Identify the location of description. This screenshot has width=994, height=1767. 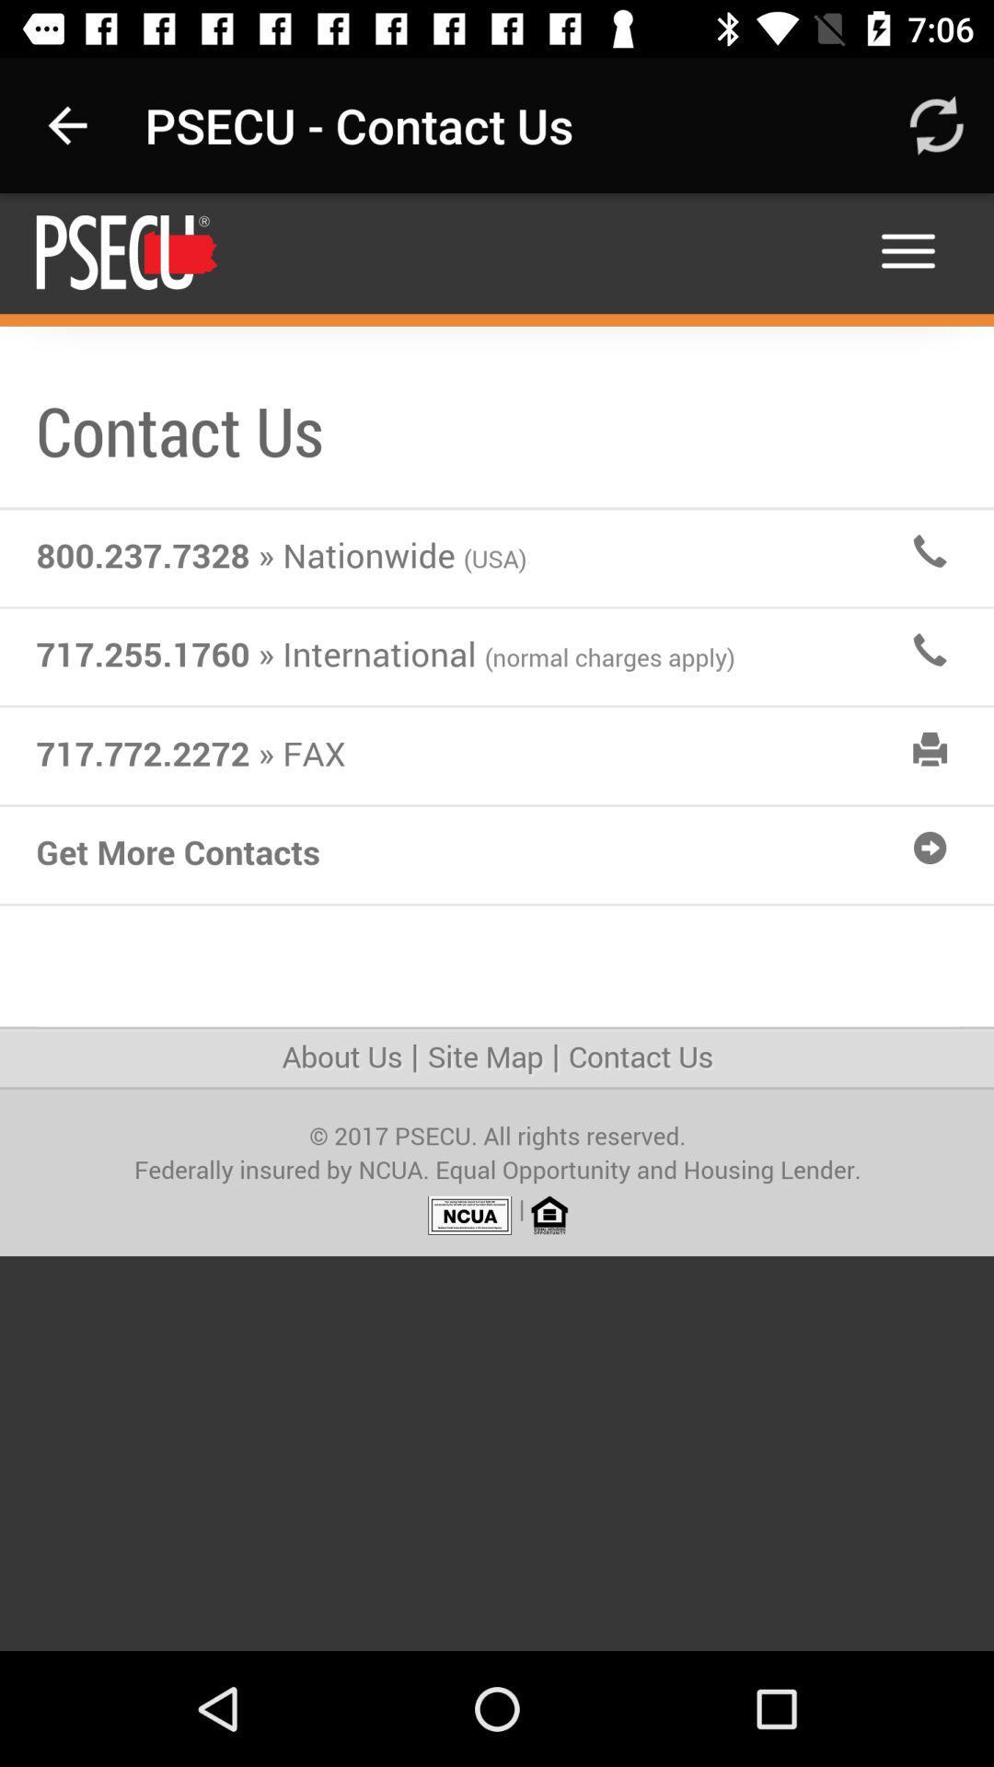
(497, 922).